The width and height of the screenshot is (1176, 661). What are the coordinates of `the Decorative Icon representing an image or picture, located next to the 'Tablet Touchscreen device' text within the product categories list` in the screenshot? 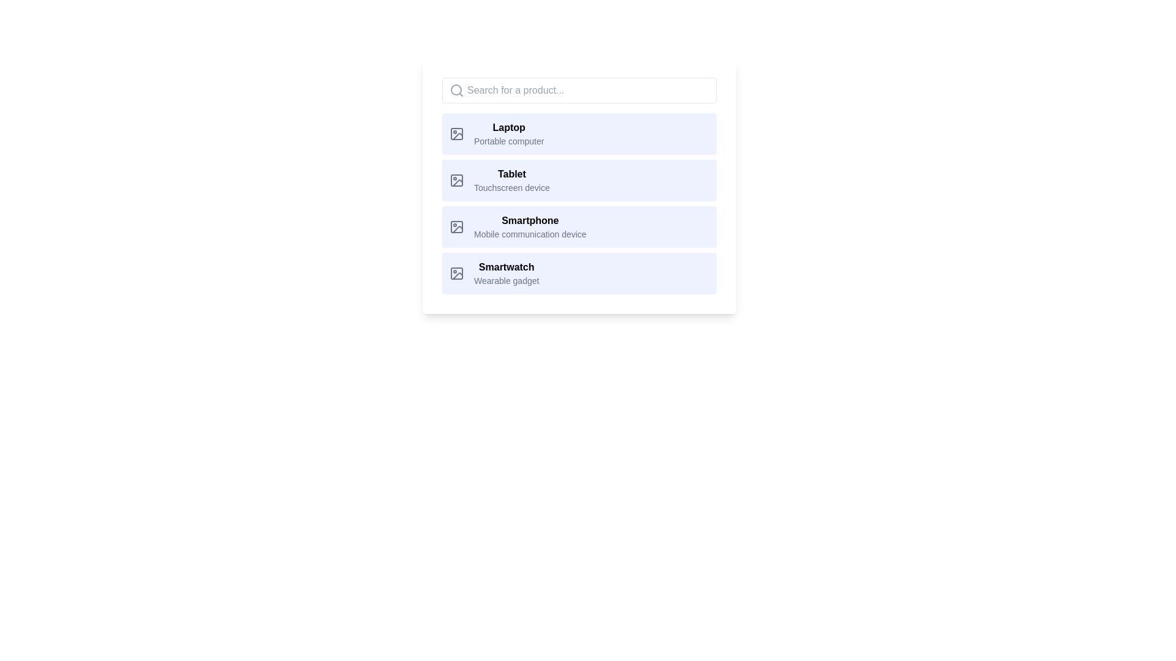 It's located at (456, 180).